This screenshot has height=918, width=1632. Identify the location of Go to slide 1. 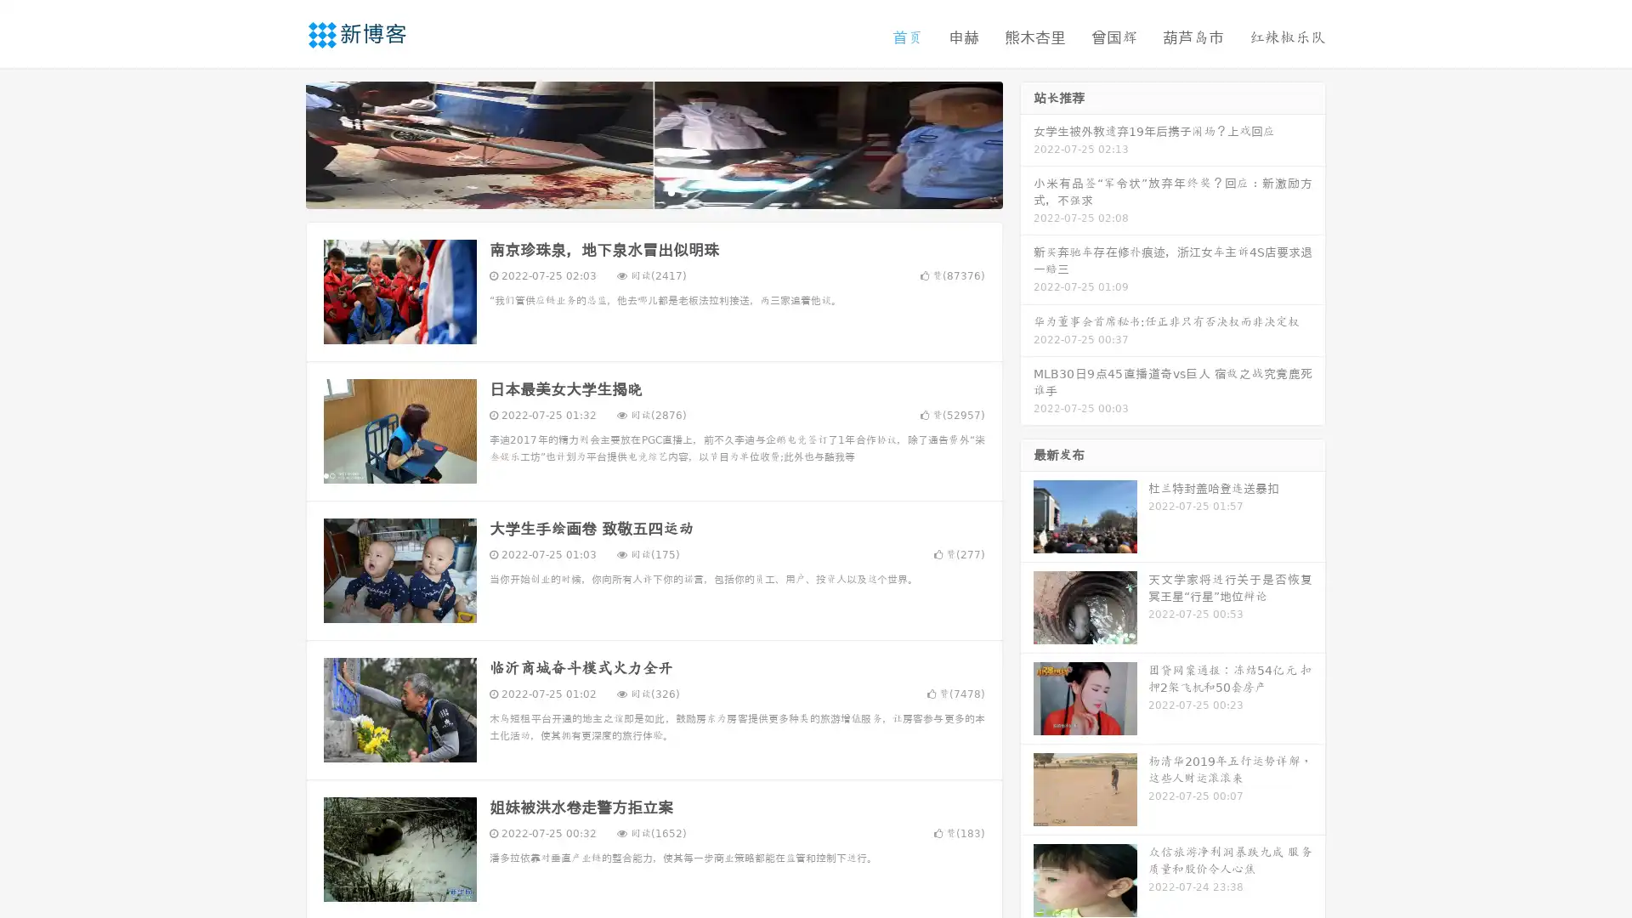
(636, 191).